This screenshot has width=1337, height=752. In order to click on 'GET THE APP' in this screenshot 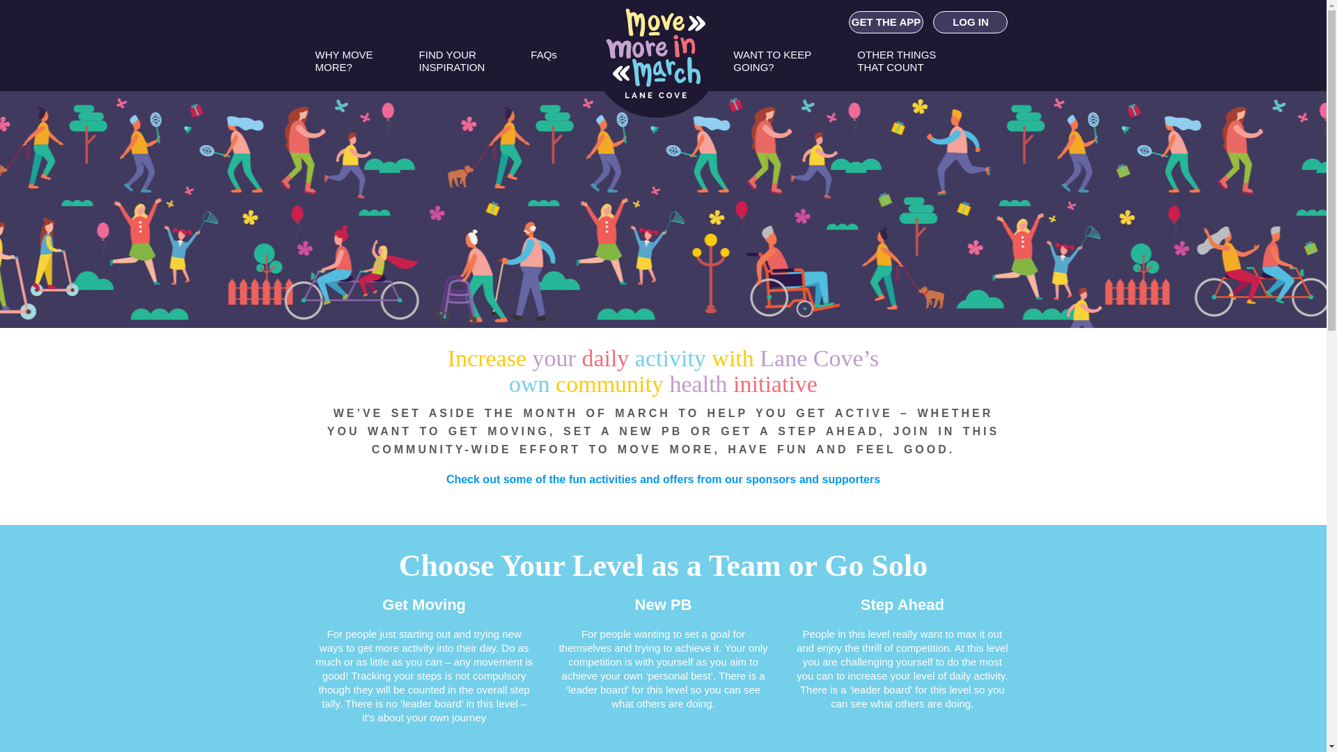, I will do `click(885, 22)`.